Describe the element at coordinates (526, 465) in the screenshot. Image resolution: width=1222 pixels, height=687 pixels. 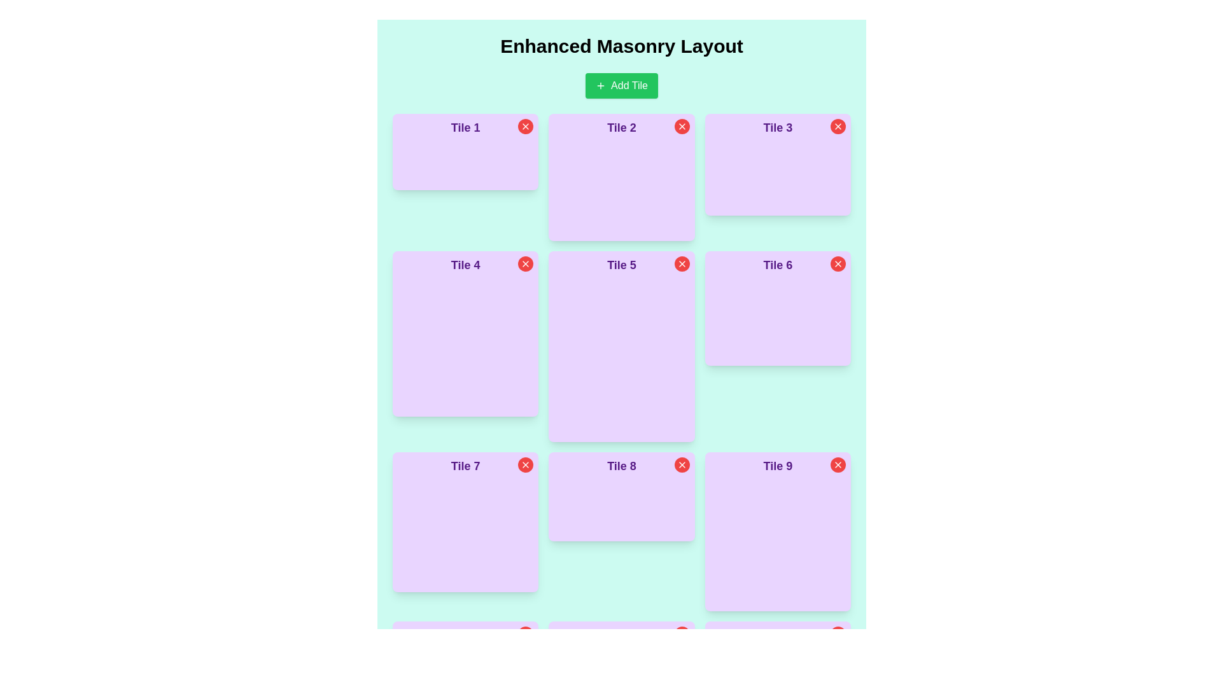
I see `the 'X' icon inside the circular red button located in the top-right corner of the card labeled 'Tile 7'` at that location.